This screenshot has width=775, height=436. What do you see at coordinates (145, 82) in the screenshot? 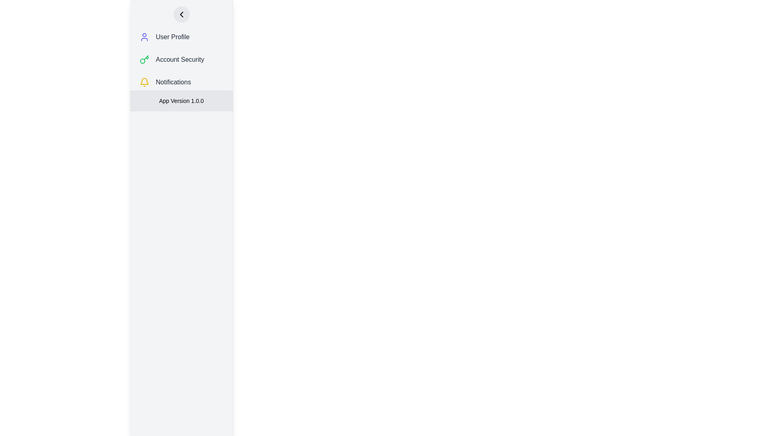
I see `the bell icon with a yellow outline located in the sidebar menu next to the 'Notifications' label` at bounding box center [145, 82].